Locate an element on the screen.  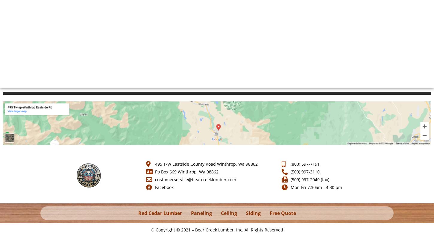
'Ceiling' is located at coordinates (229, 213).